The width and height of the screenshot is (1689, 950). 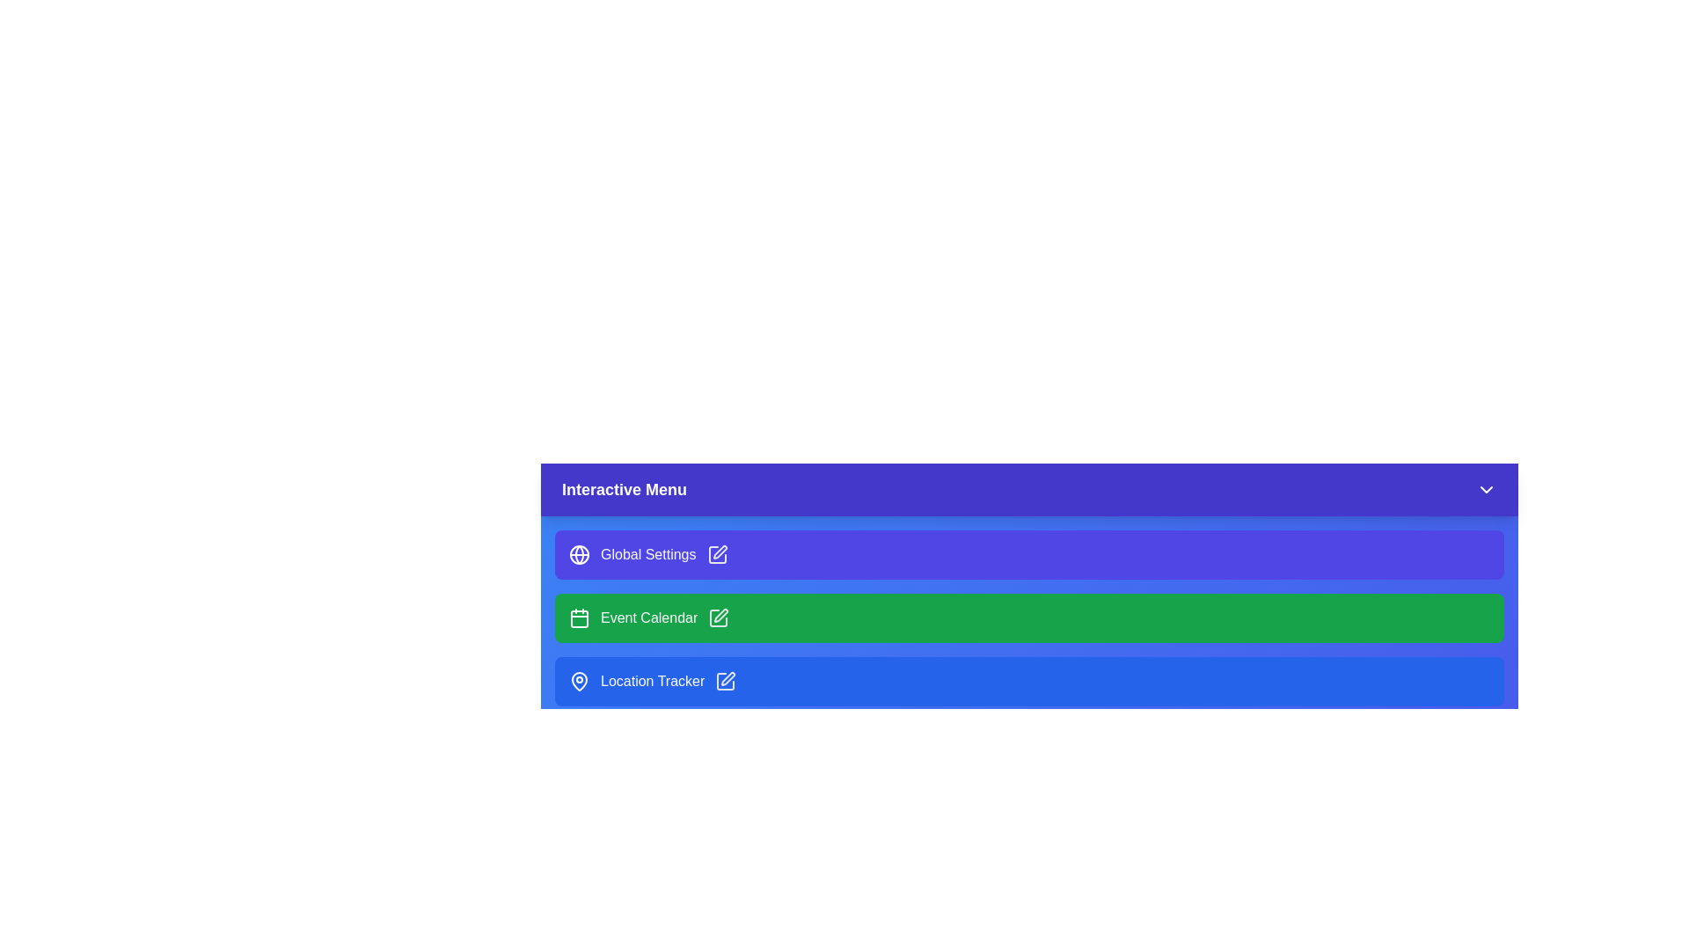 What do you see at coordinates (579, 555) in the screenshot?
I see `the icon of Global Settings in the InteractiveDashboardMenu` at bounding box center [579, 555].